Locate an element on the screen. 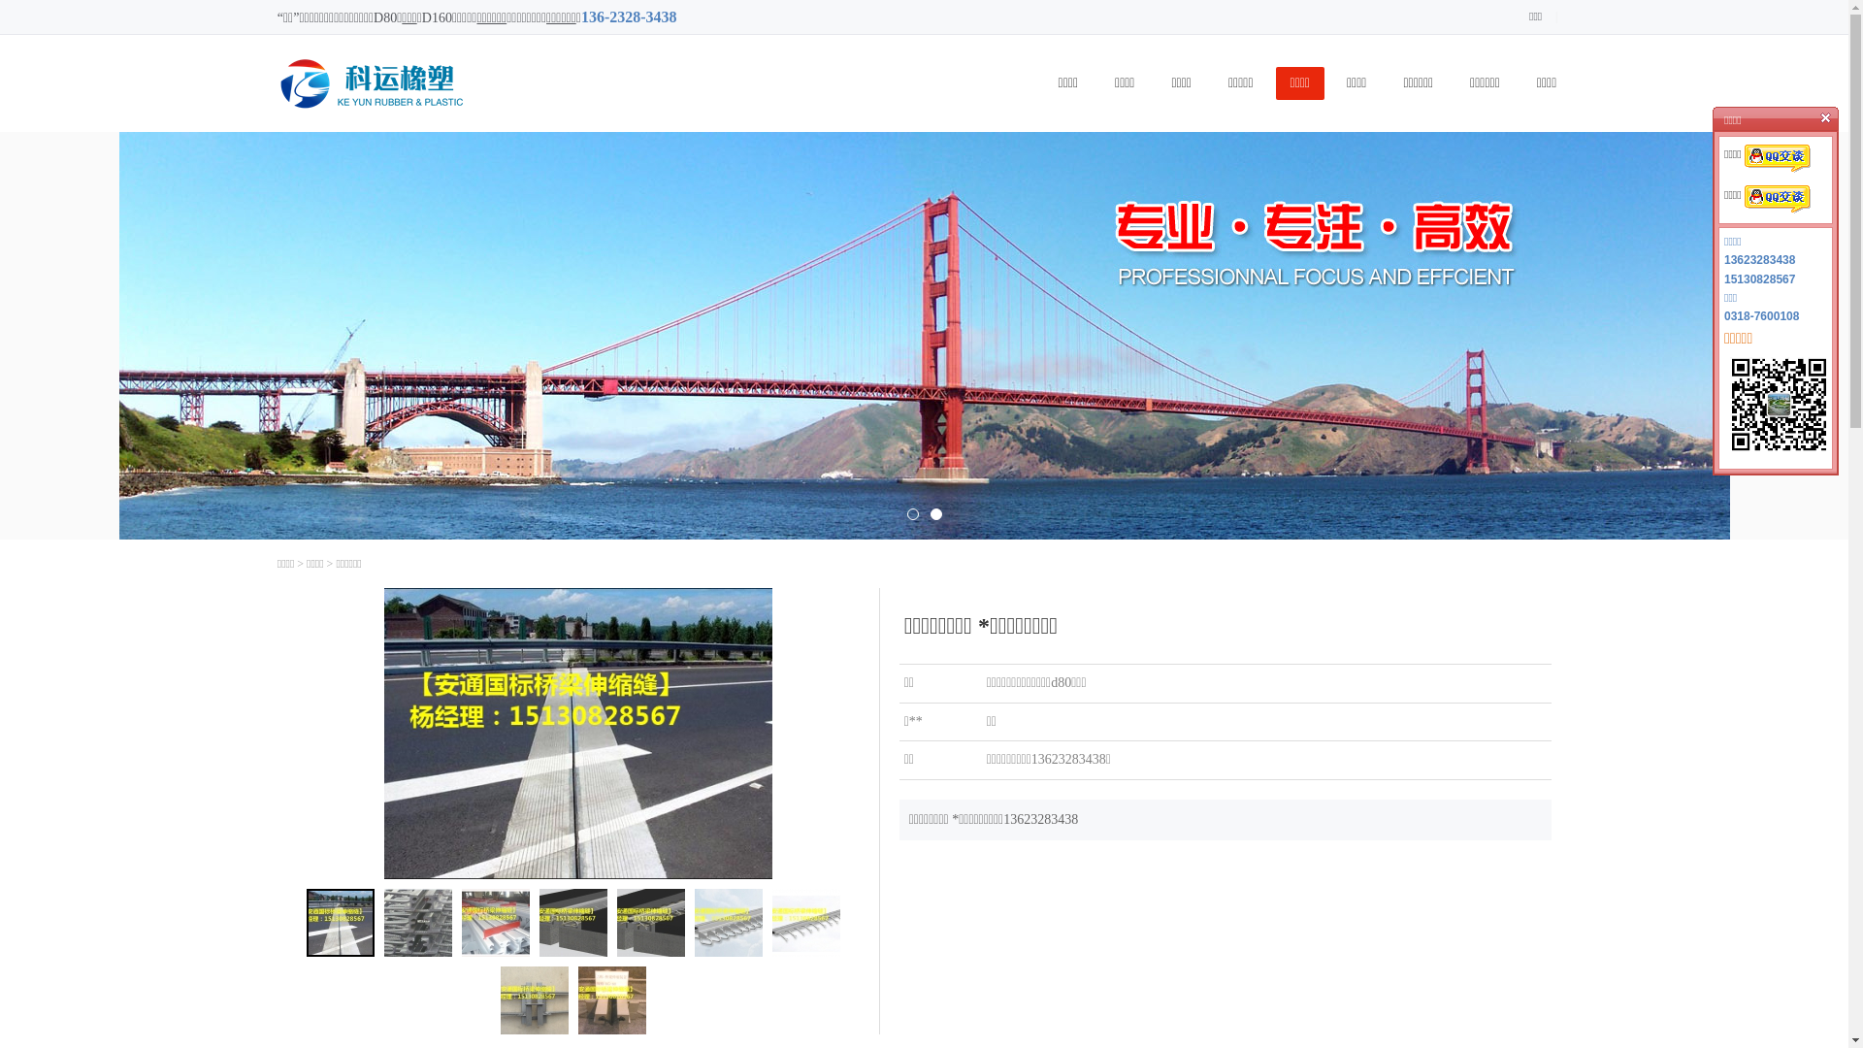 The width and height of the screenshot is (1863, 1048). '1' is located at coordinates (911, 512).